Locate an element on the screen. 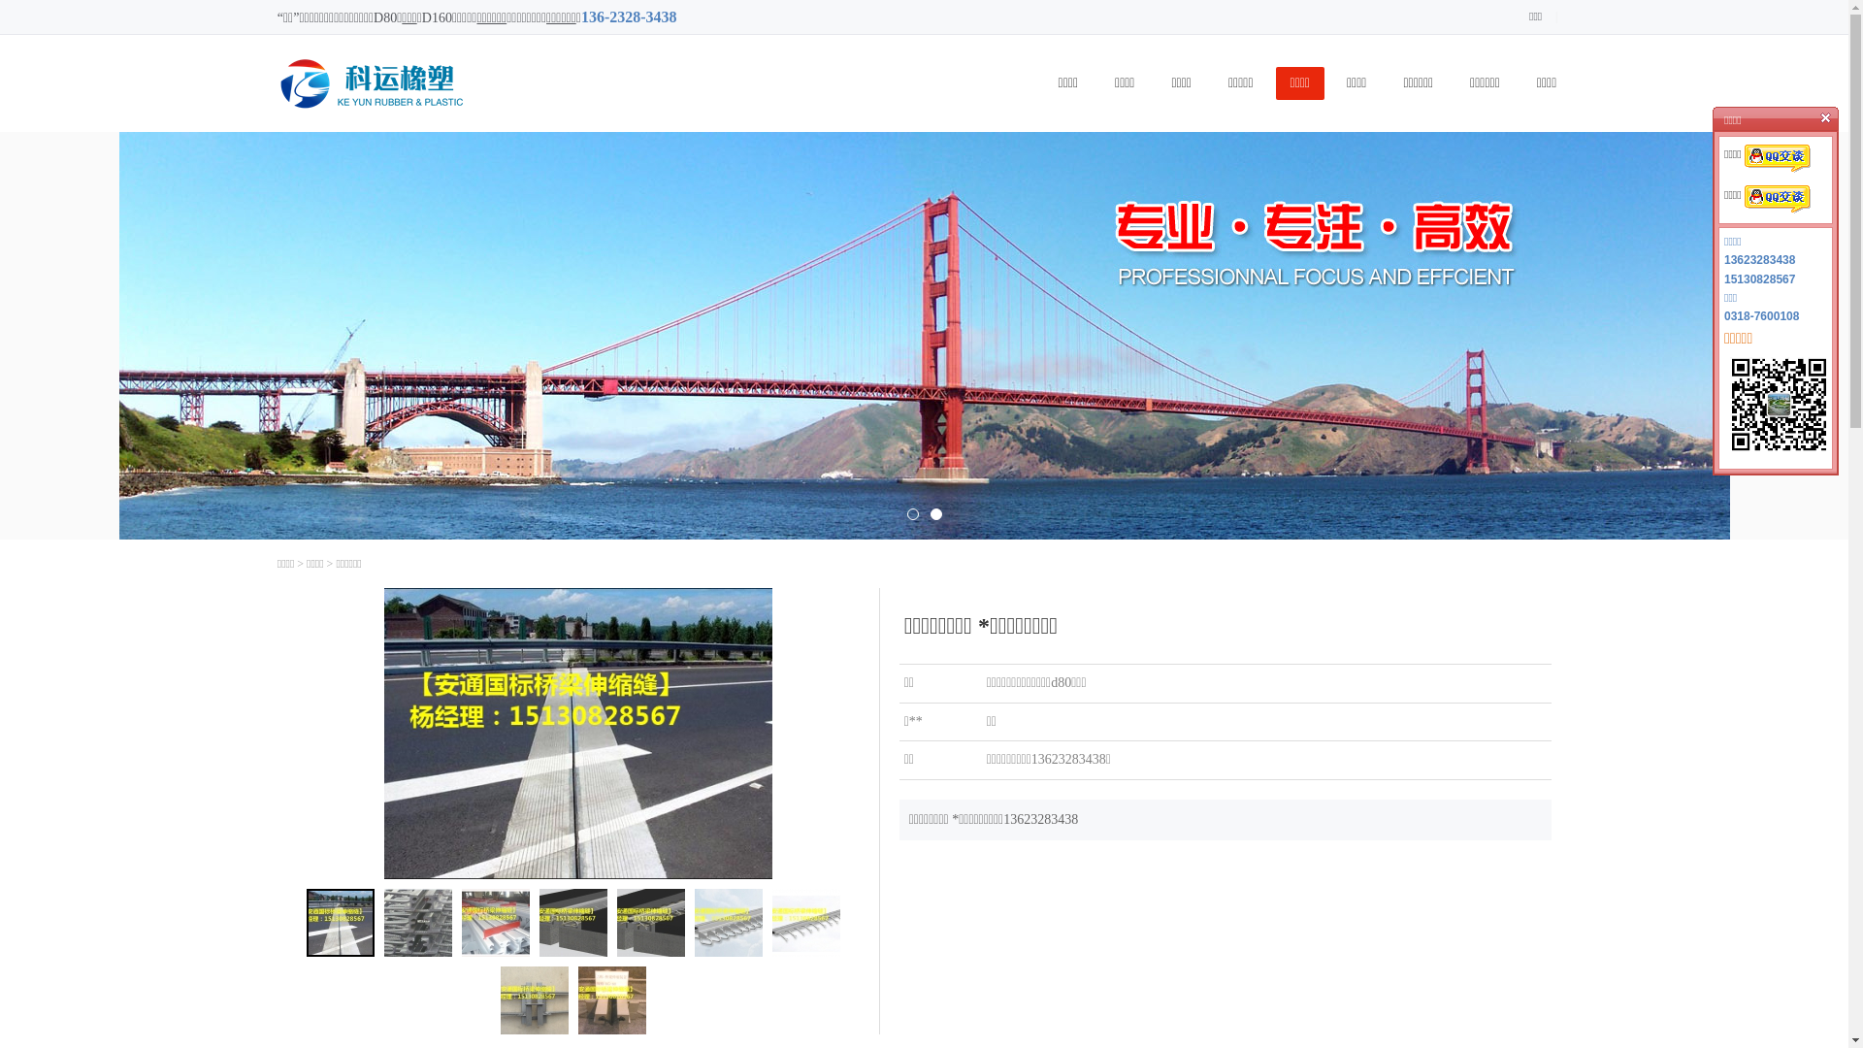 The width and height of the screenshot is (1863, 1048). '1' is located at coordinates (911, 512).